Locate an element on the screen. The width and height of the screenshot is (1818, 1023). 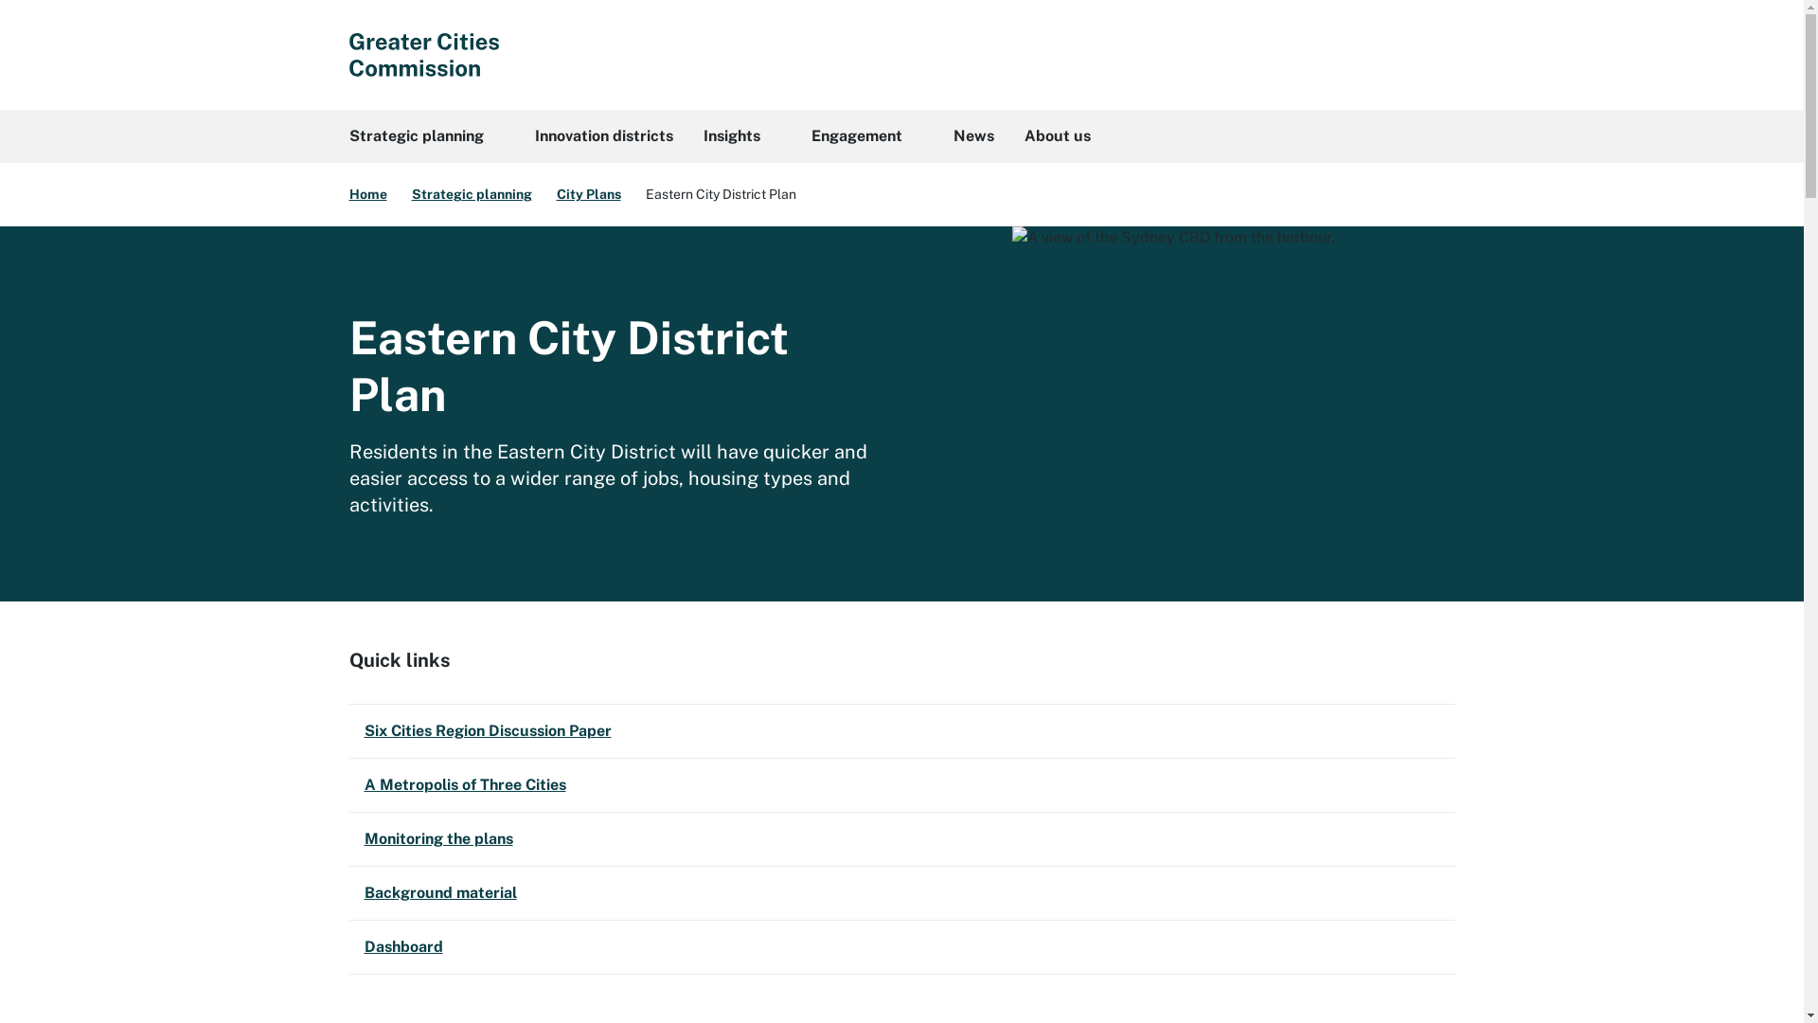
'Background material' is located at coordinates (348, 892).